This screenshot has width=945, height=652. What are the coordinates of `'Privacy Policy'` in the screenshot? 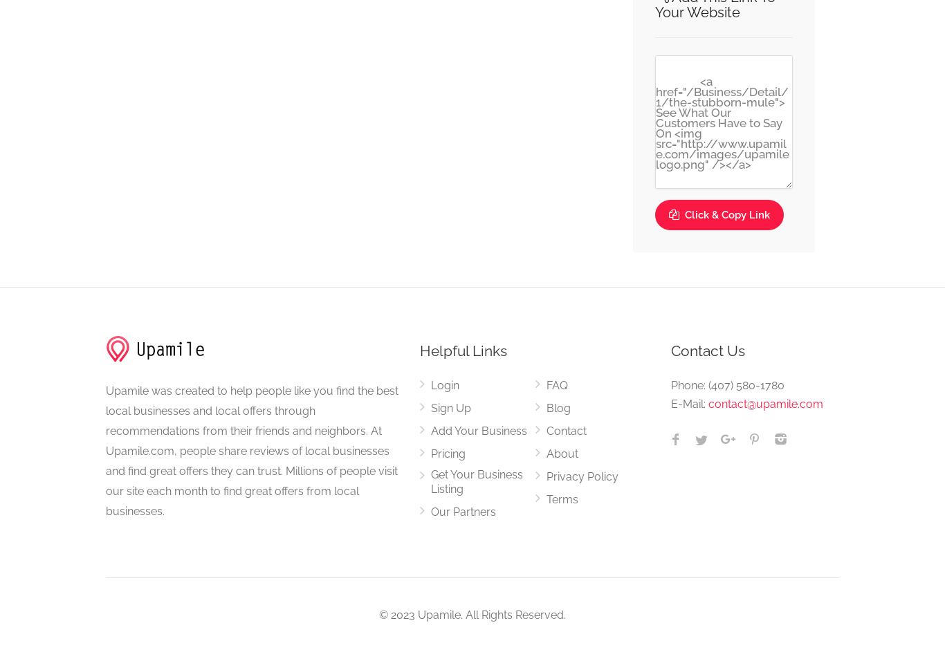 It's located at (581, 476).